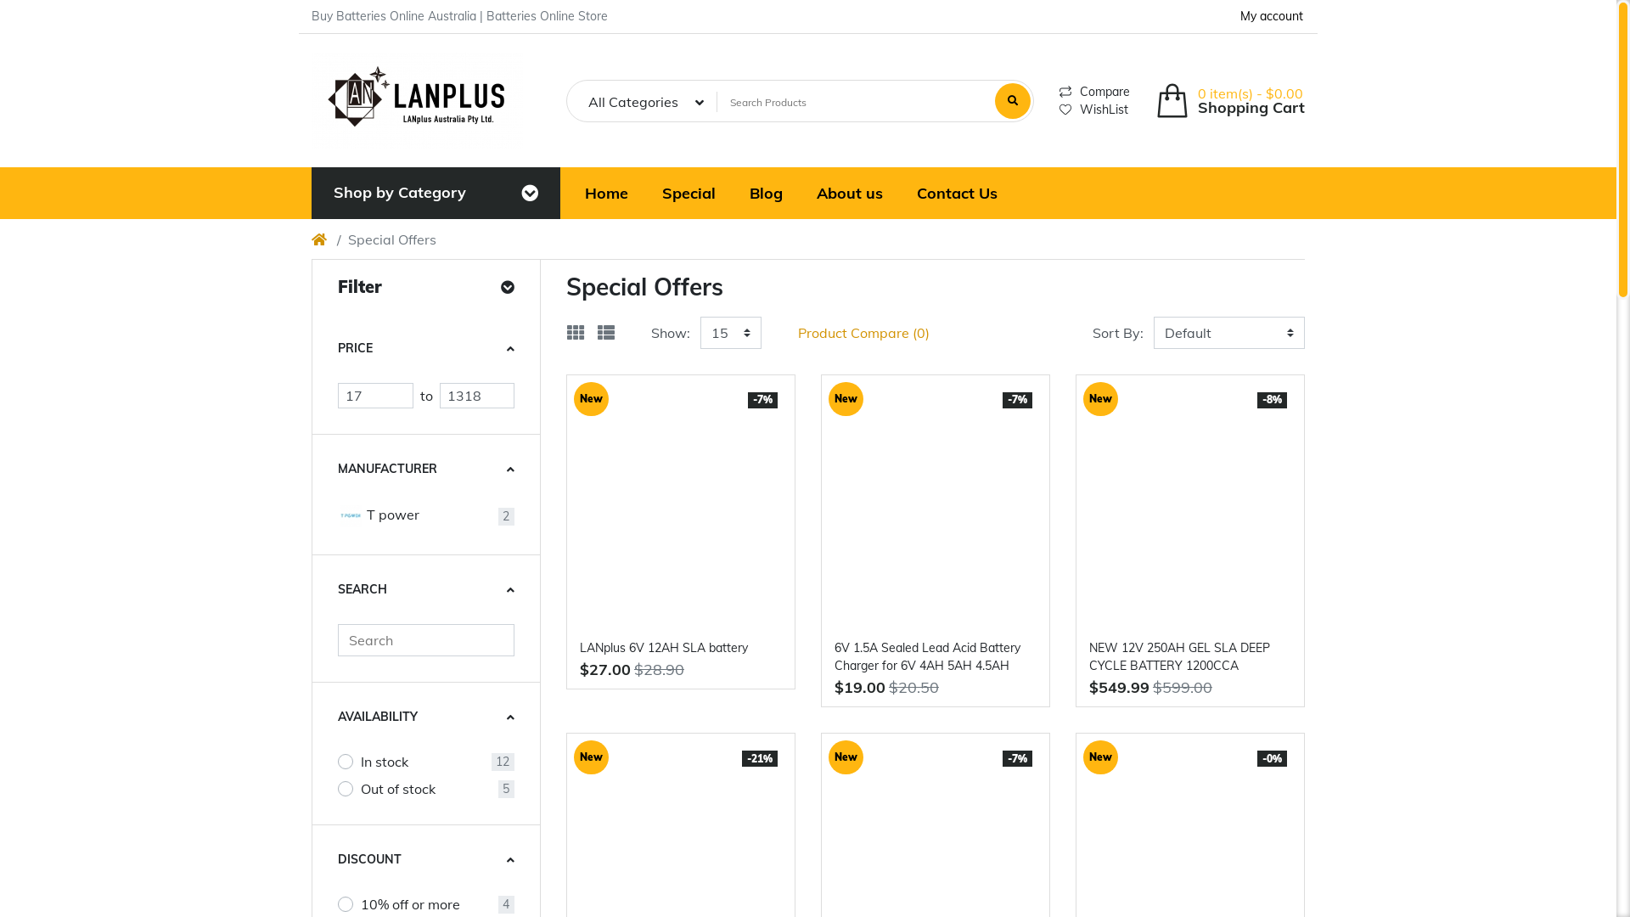 The width and height of the screenshot is (1630, 917). What do you see at coordinates (680, 501) in the screenshot?
I see `'LANplus 6V 12AH SLA battery '` at bounding box center [680, 501].